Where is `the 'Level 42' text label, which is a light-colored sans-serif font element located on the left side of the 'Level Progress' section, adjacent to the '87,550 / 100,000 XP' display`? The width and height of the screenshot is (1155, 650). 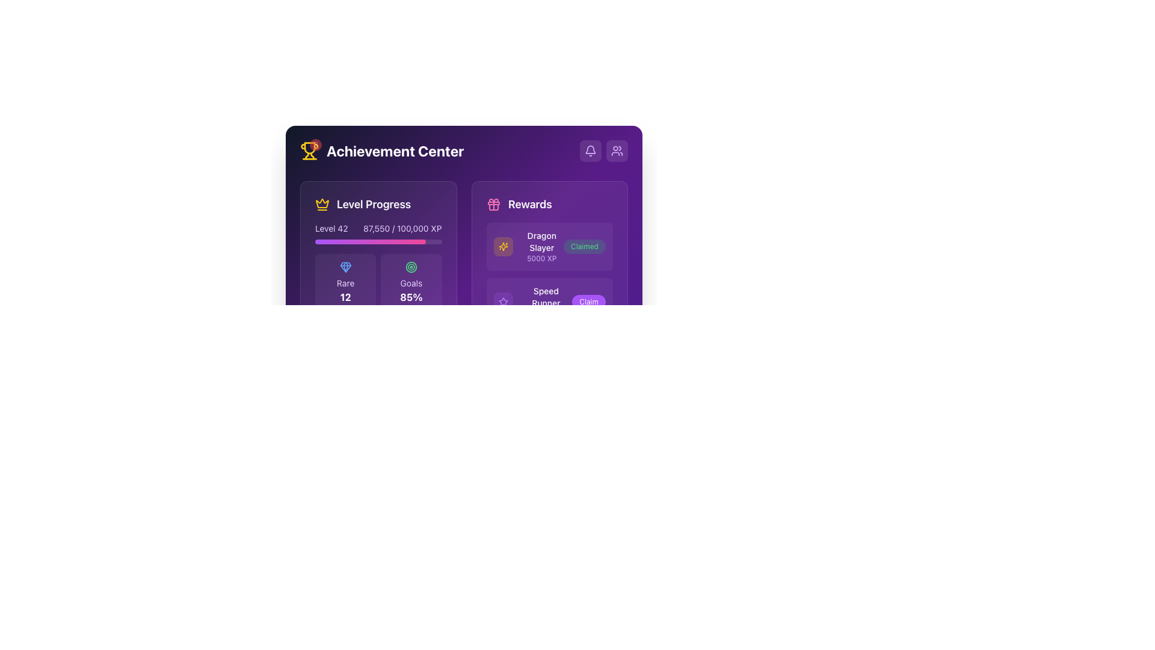 the 'Level 42' text label, which is a light-colored sans-serif font element located on the left side of the 'Level Progress' section, adjacent to the '87,550 / 100,000 XP' display is located at coordinates (331, 229).